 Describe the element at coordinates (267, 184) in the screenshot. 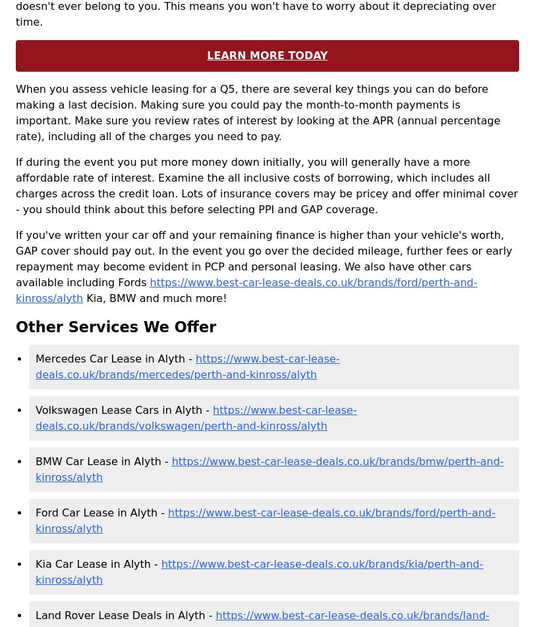

I see `'If during the event you put more money down initially, you will generally have a more affordable rate of interest. Examine the all inclusive costs of borrowing, which includes all charges across the credit loan. Lots of insurance covers may be pricey and offer minimal cover - you should think about this before selecting PPI and GAP coverage.'` at that location.